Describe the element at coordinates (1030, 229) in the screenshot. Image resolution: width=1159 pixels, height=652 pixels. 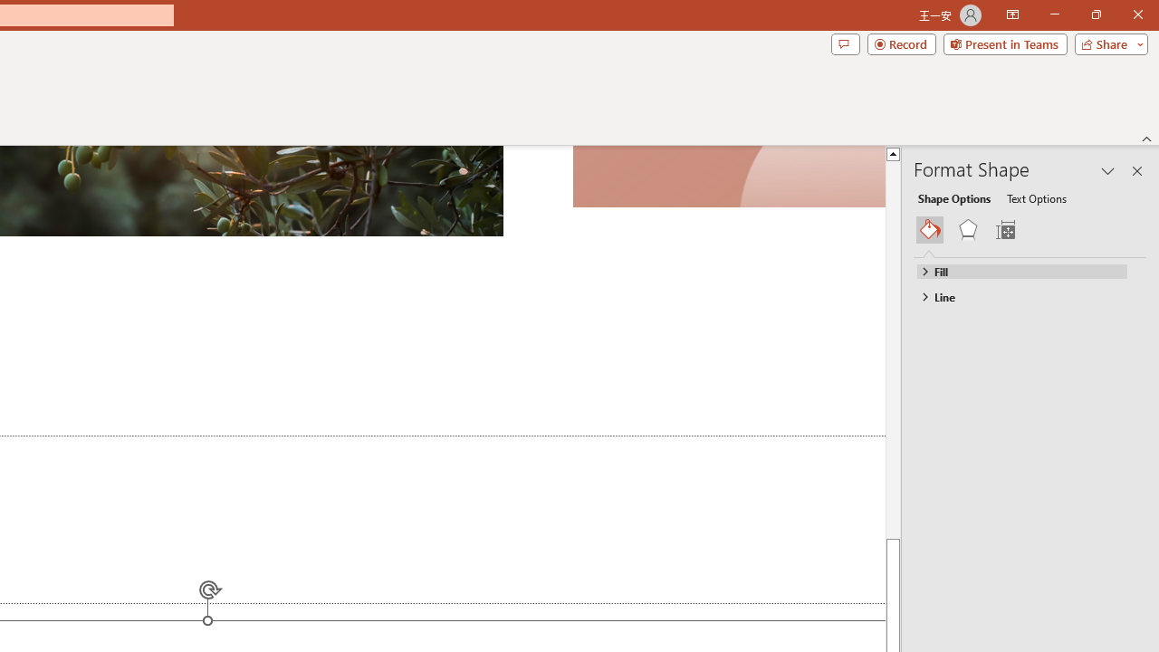
I see `'Class: NetUIGalleryContainer'` at that location.